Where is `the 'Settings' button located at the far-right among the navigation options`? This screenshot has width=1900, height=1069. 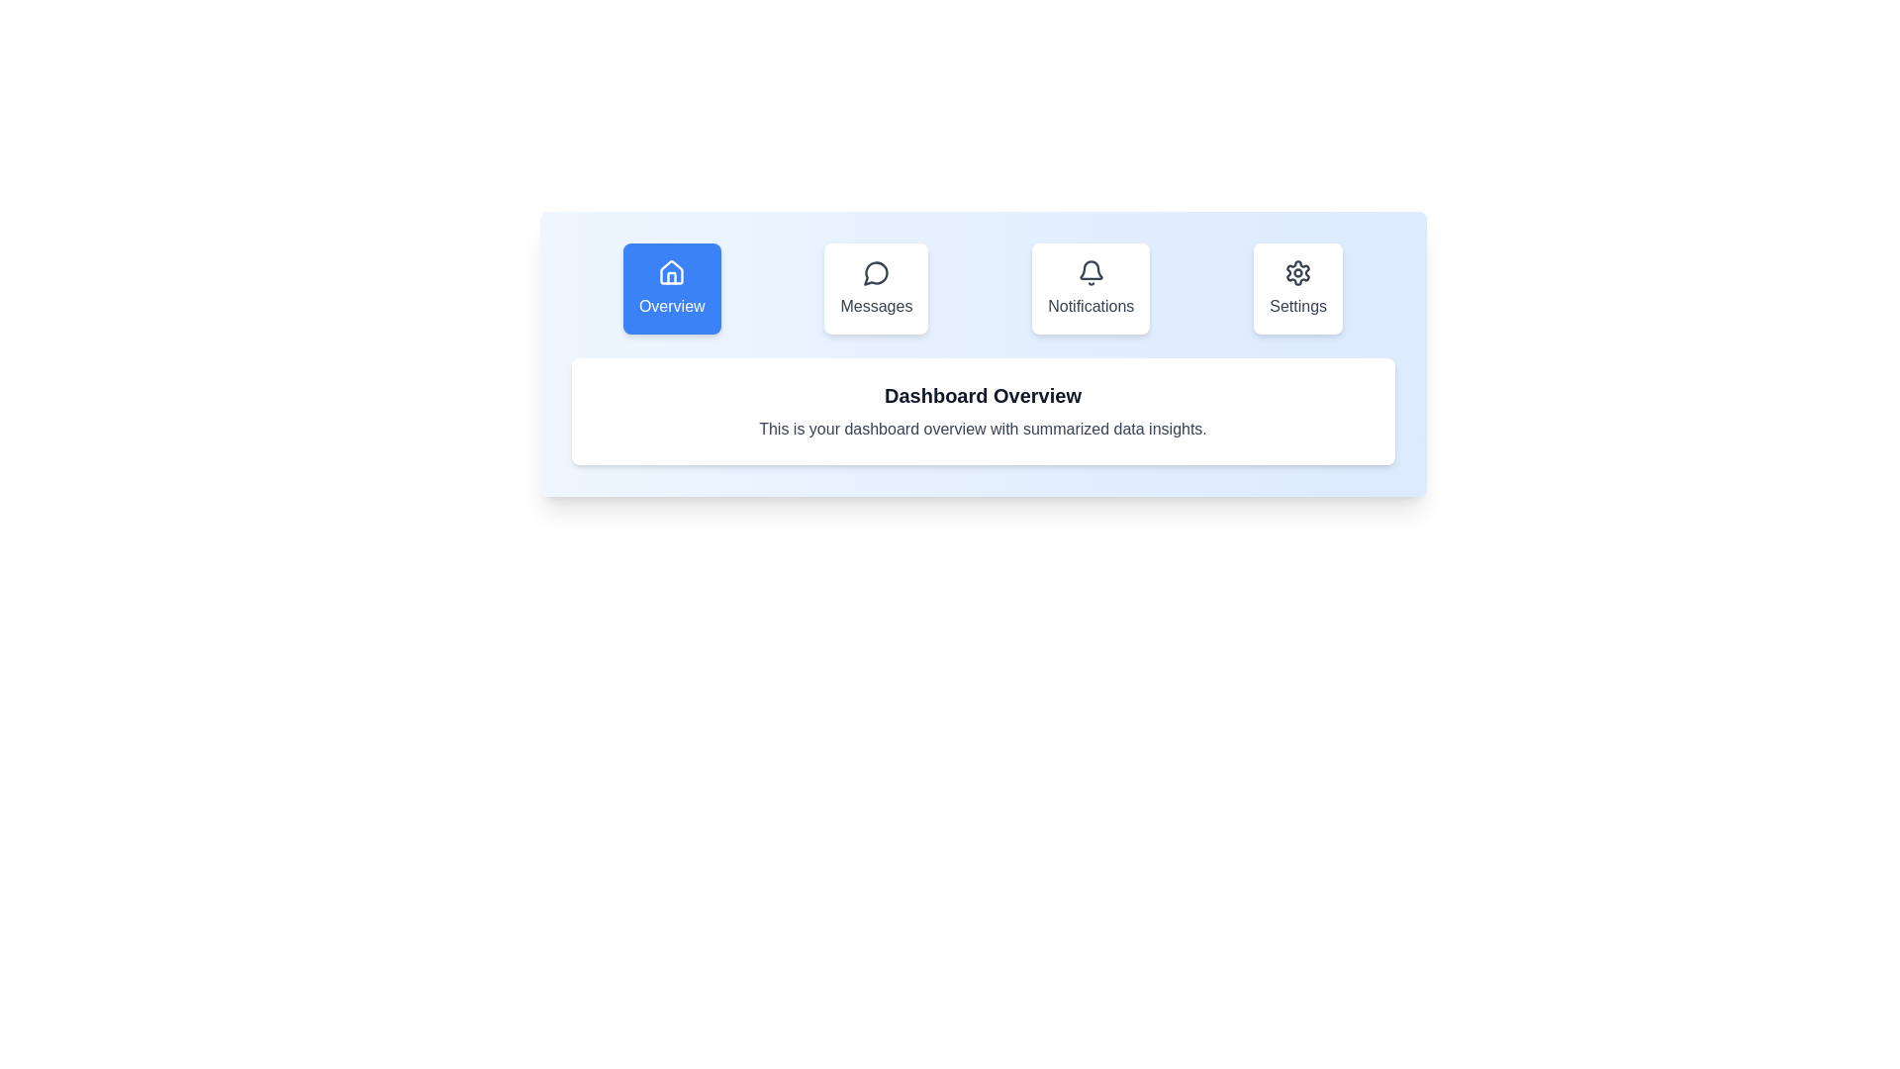 the 'Settings' button located at the far-right among the navigation options is located at coordinates (1298, 289).